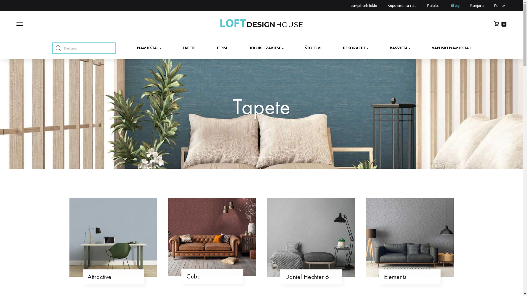  I want to click on 'Kontakt', so click(494, 5).